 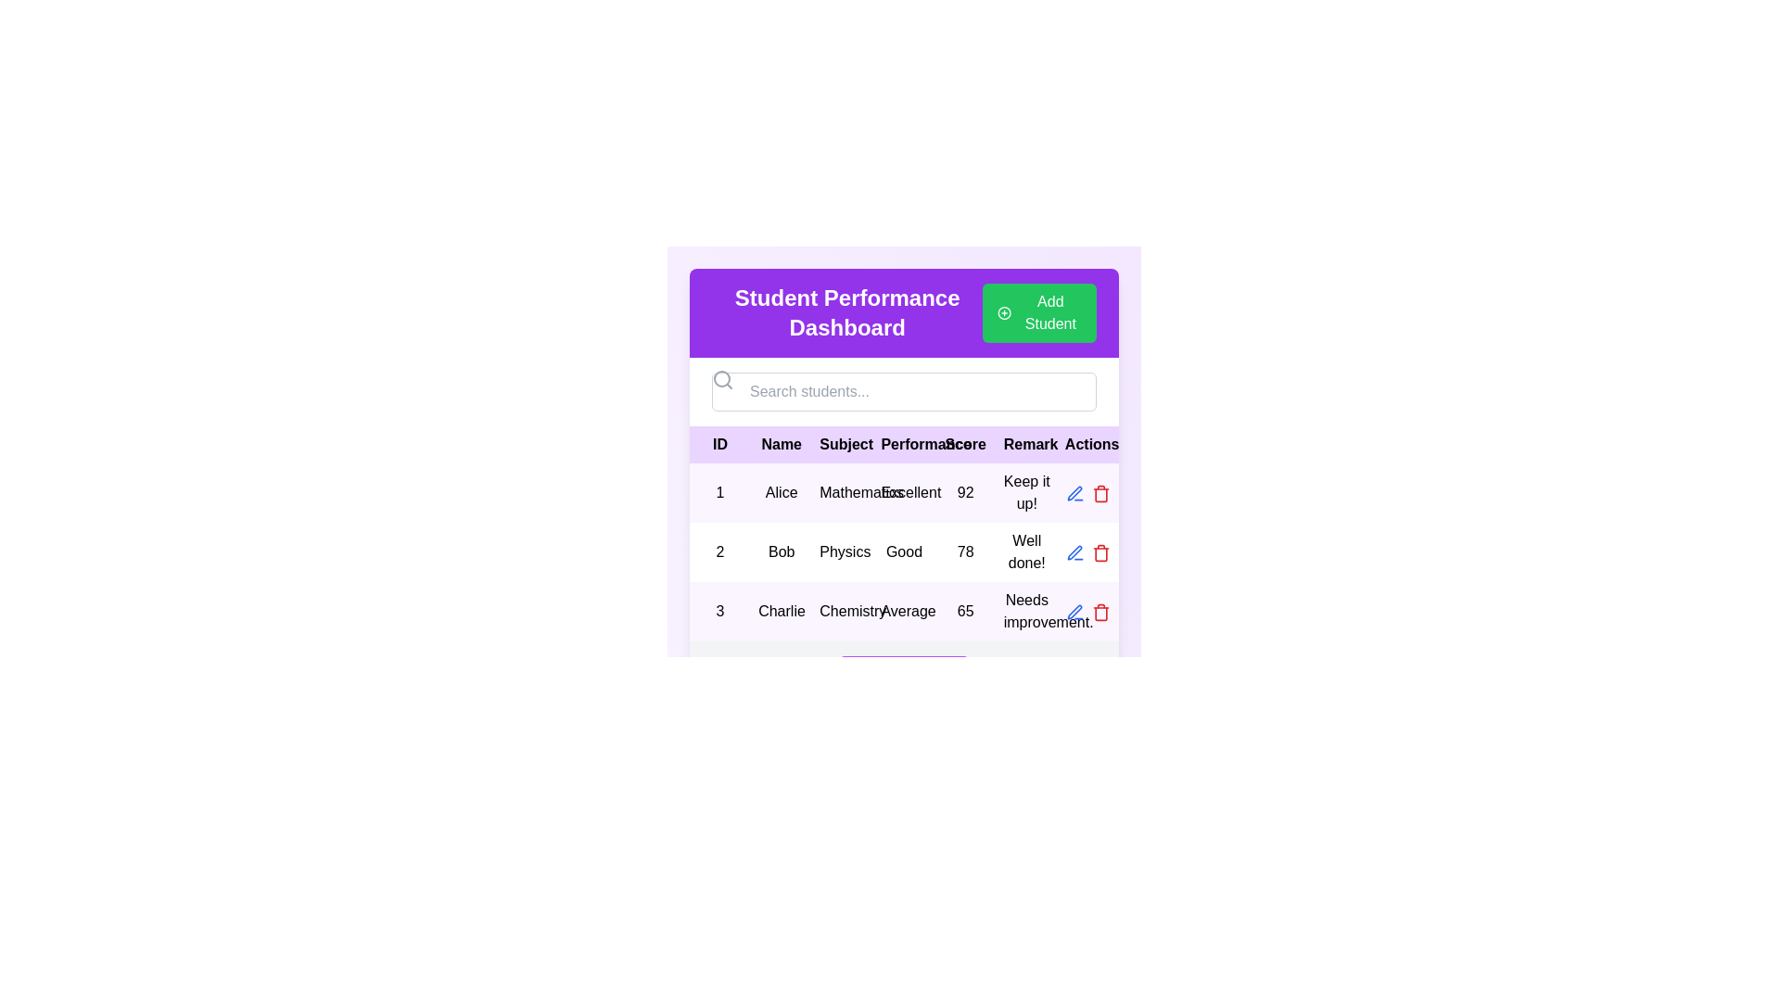 What do you see at coordinates (1100, 492) in the screenshot?
I see `the red-colored trash can icon button located` at bounding box center [1100, 492].